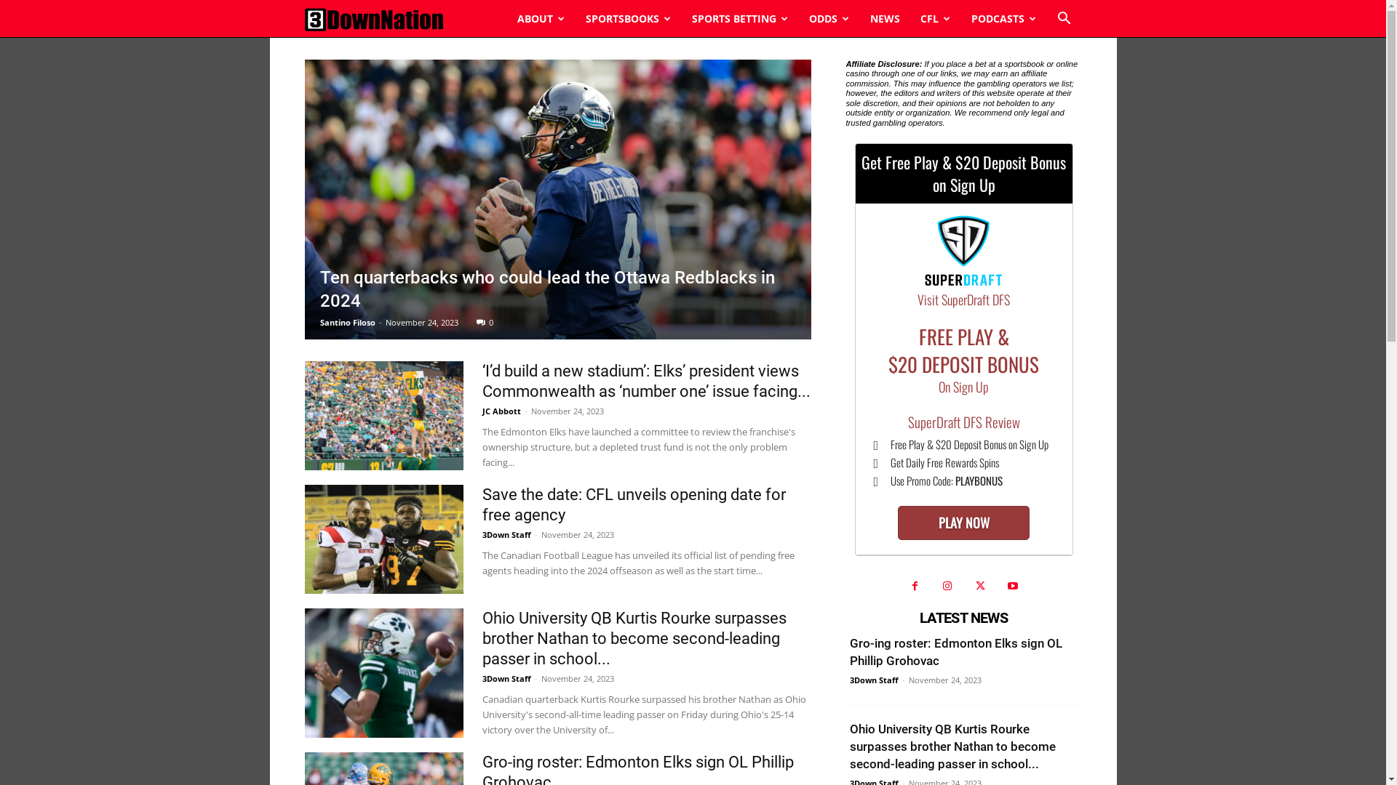 Image resolution: width=1397 pixels, height=785 pixels. I want to click on 'JC Abbott', so click(501, 411).